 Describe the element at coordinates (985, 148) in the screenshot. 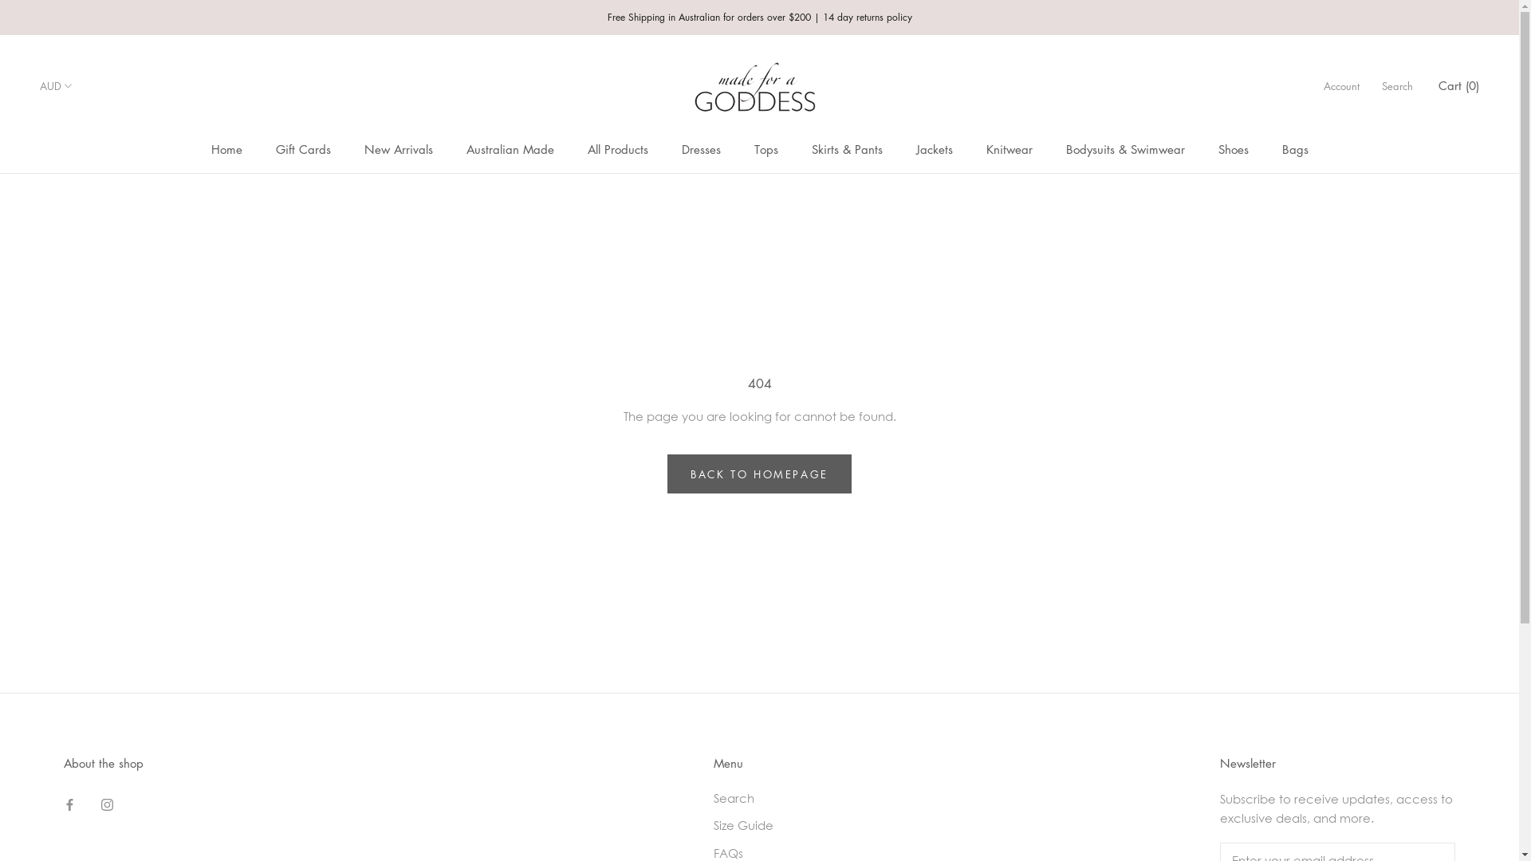

I see `'Knitwear` at that location.